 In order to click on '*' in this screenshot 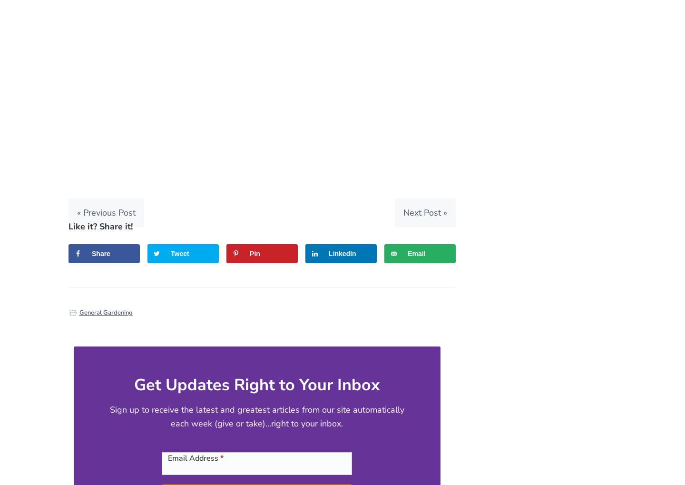, I will do `click(222, 457)`.